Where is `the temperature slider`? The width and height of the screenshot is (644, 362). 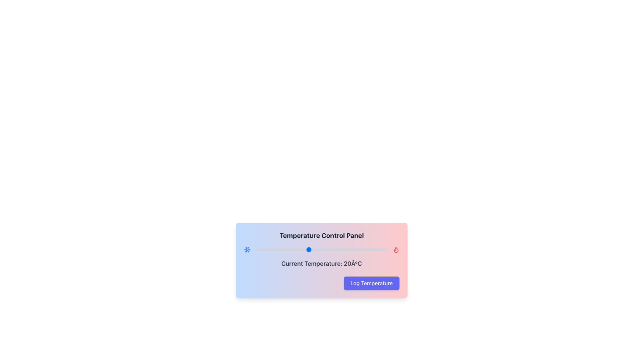 the temperature slider is located at coordinates (308, 249).